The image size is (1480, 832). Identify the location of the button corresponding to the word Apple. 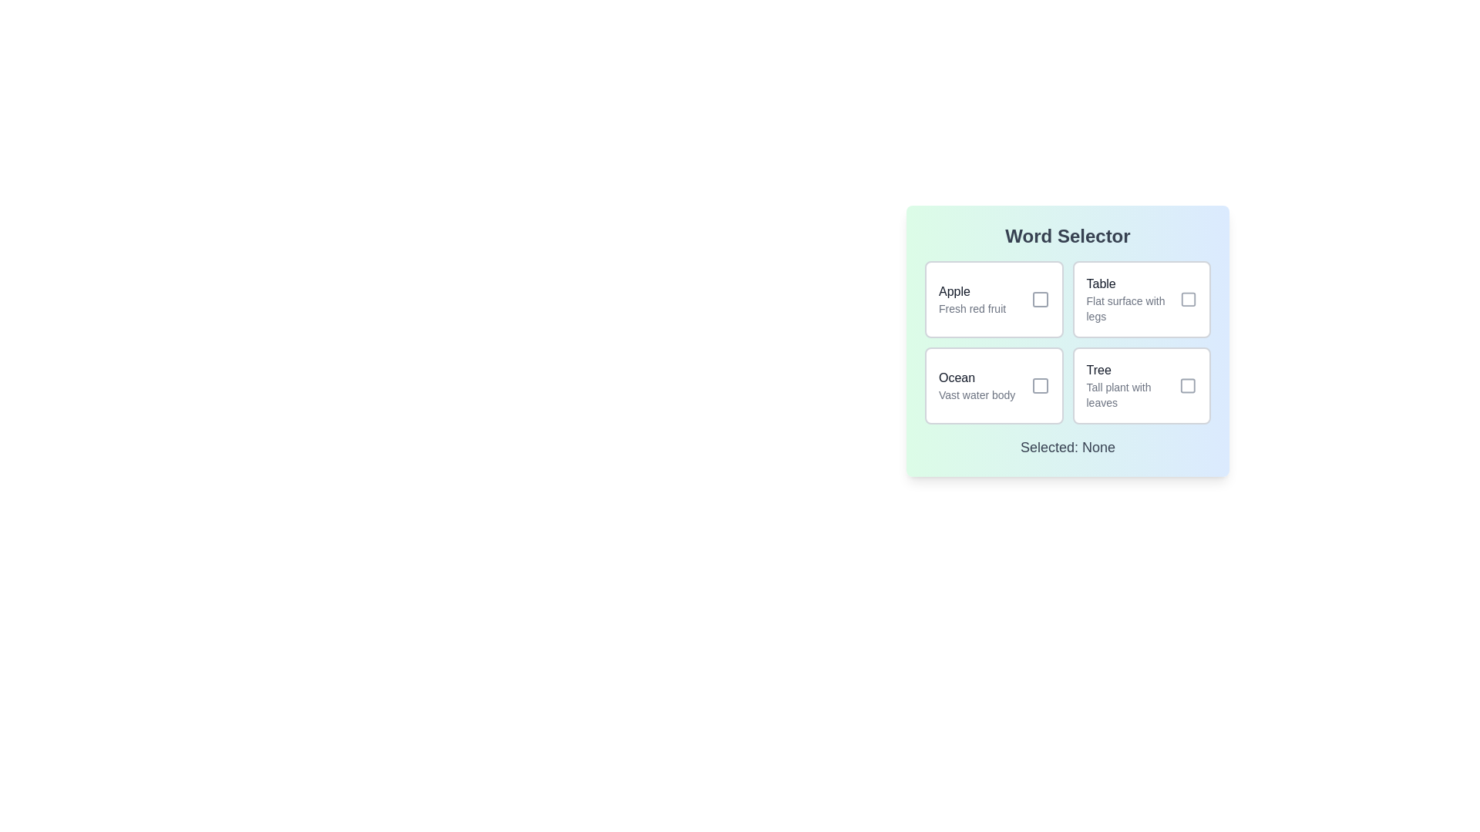
(994, 300).